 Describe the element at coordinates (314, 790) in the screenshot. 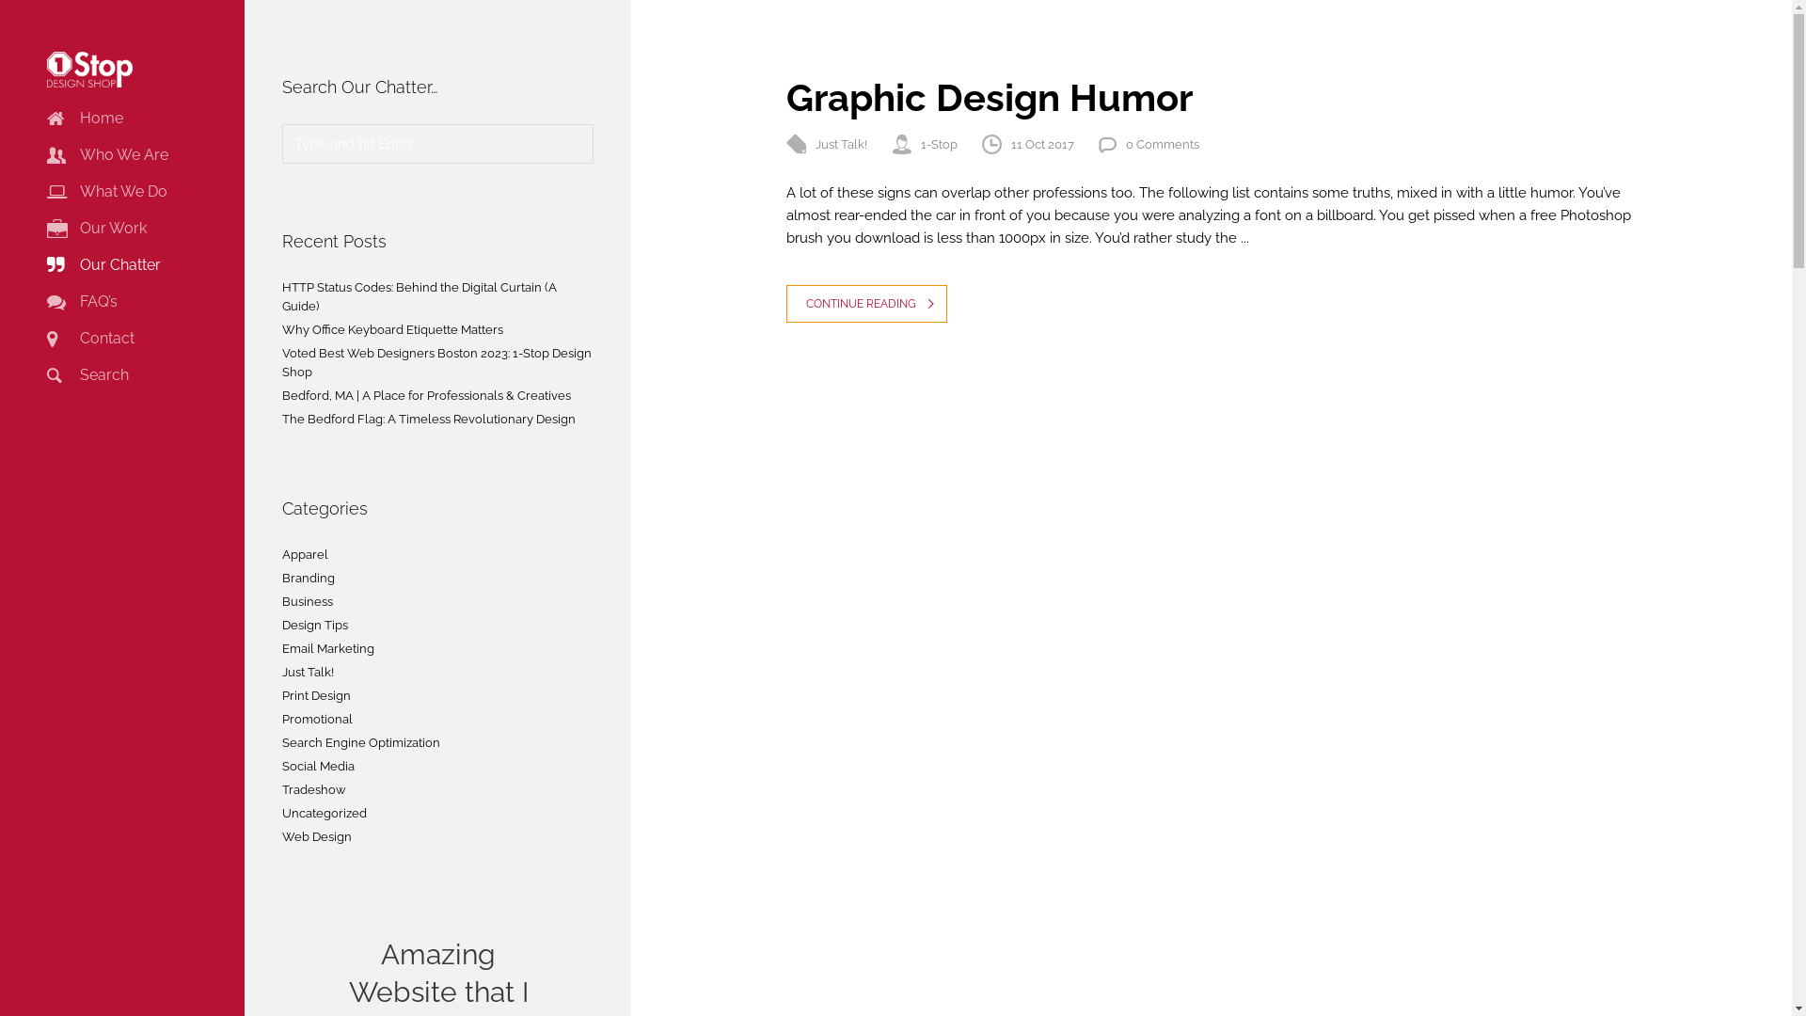

I see `'Tradeshow'` at that location.